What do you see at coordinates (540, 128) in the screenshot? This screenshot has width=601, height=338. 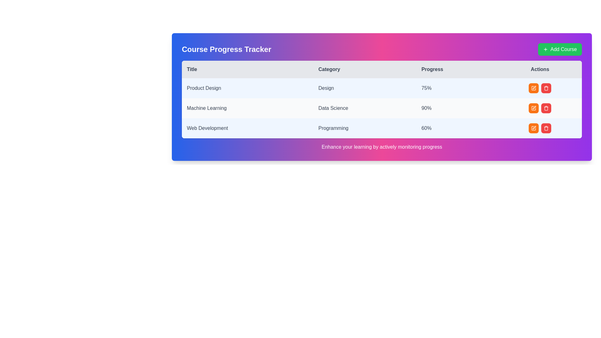 I see `the edit button in the Action button group for the 'Web Development' row to enter edit mode` at bounding box center [540, 128].